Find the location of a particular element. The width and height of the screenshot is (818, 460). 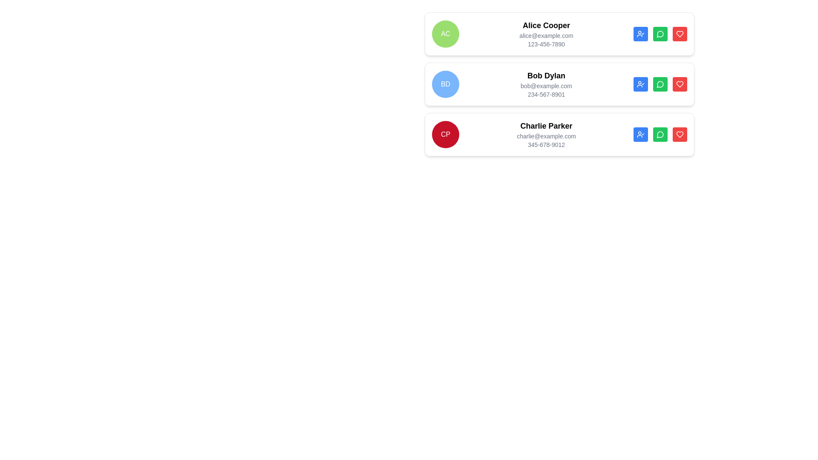

the SVG-based icon embedded within the clickable button in the third user information card to initiate a chat with Charlie Parker is located at coordinates (660, 134).